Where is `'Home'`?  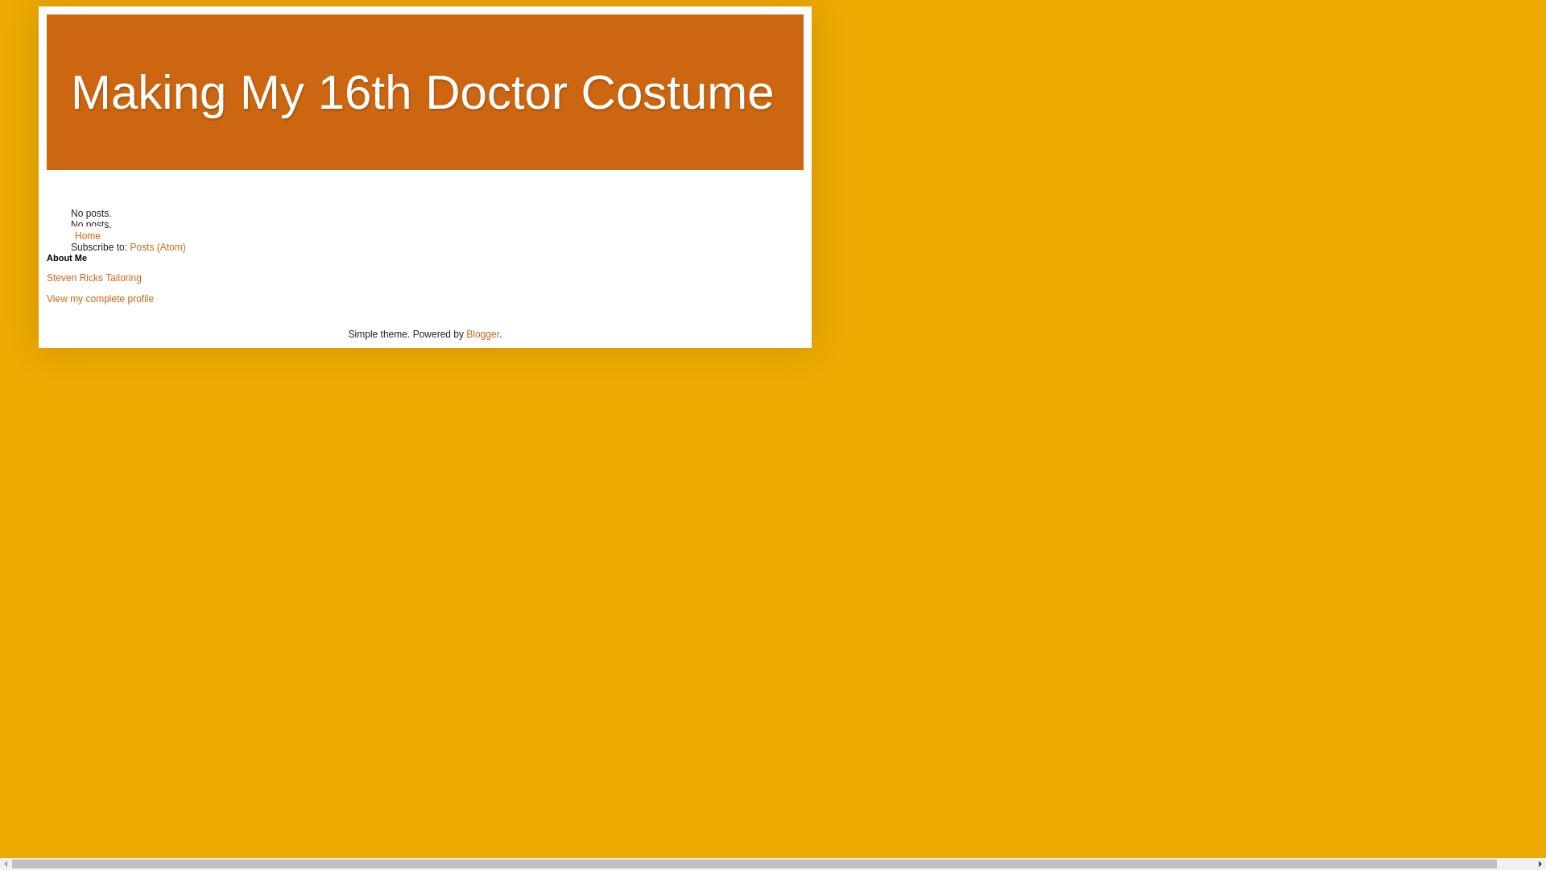 'Home' is located at coordinates (69, 236).